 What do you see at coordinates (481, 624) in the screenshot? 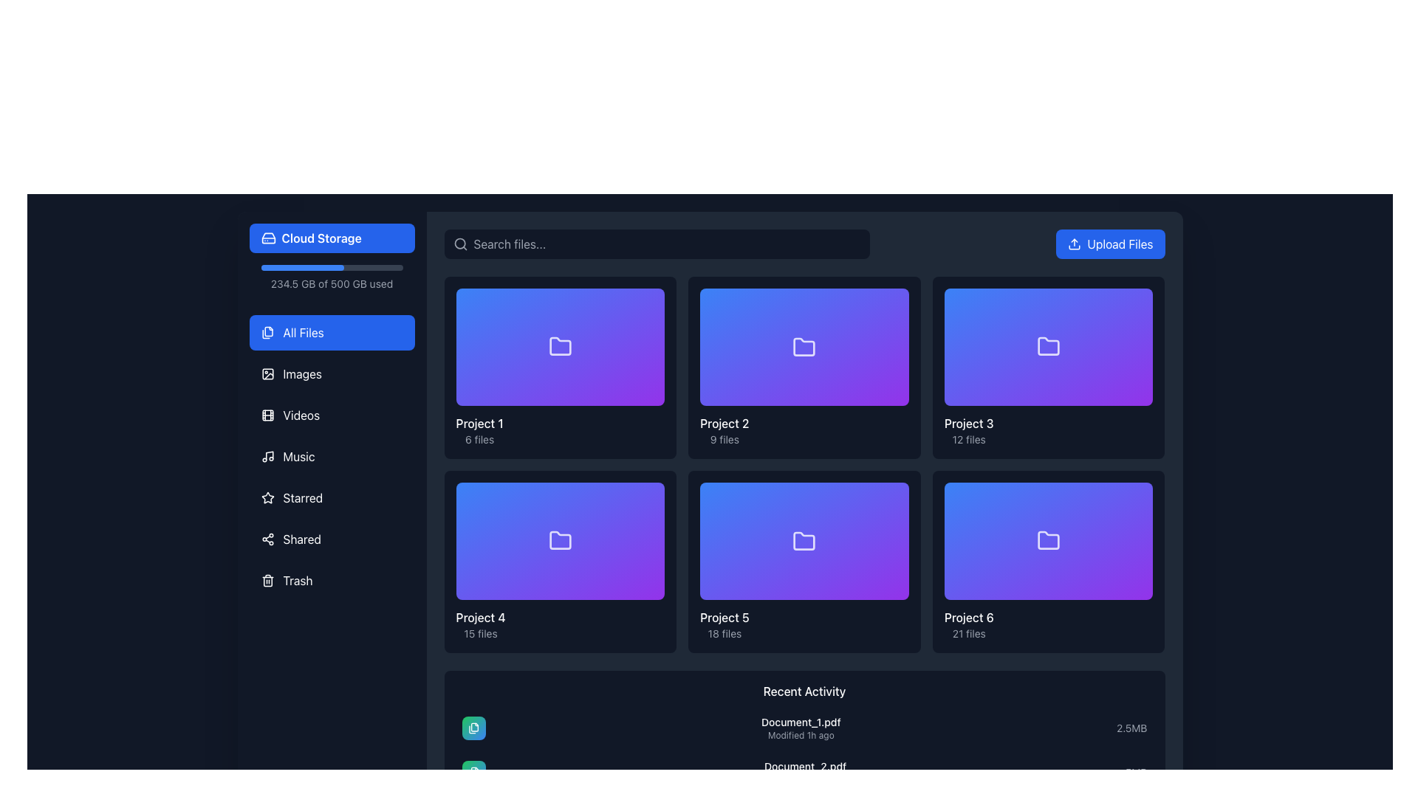
I see `the text label displaying 'Project 4' and '15 files', which is located in the lower-left corner of the project grid` at bounding box center [481, 624].